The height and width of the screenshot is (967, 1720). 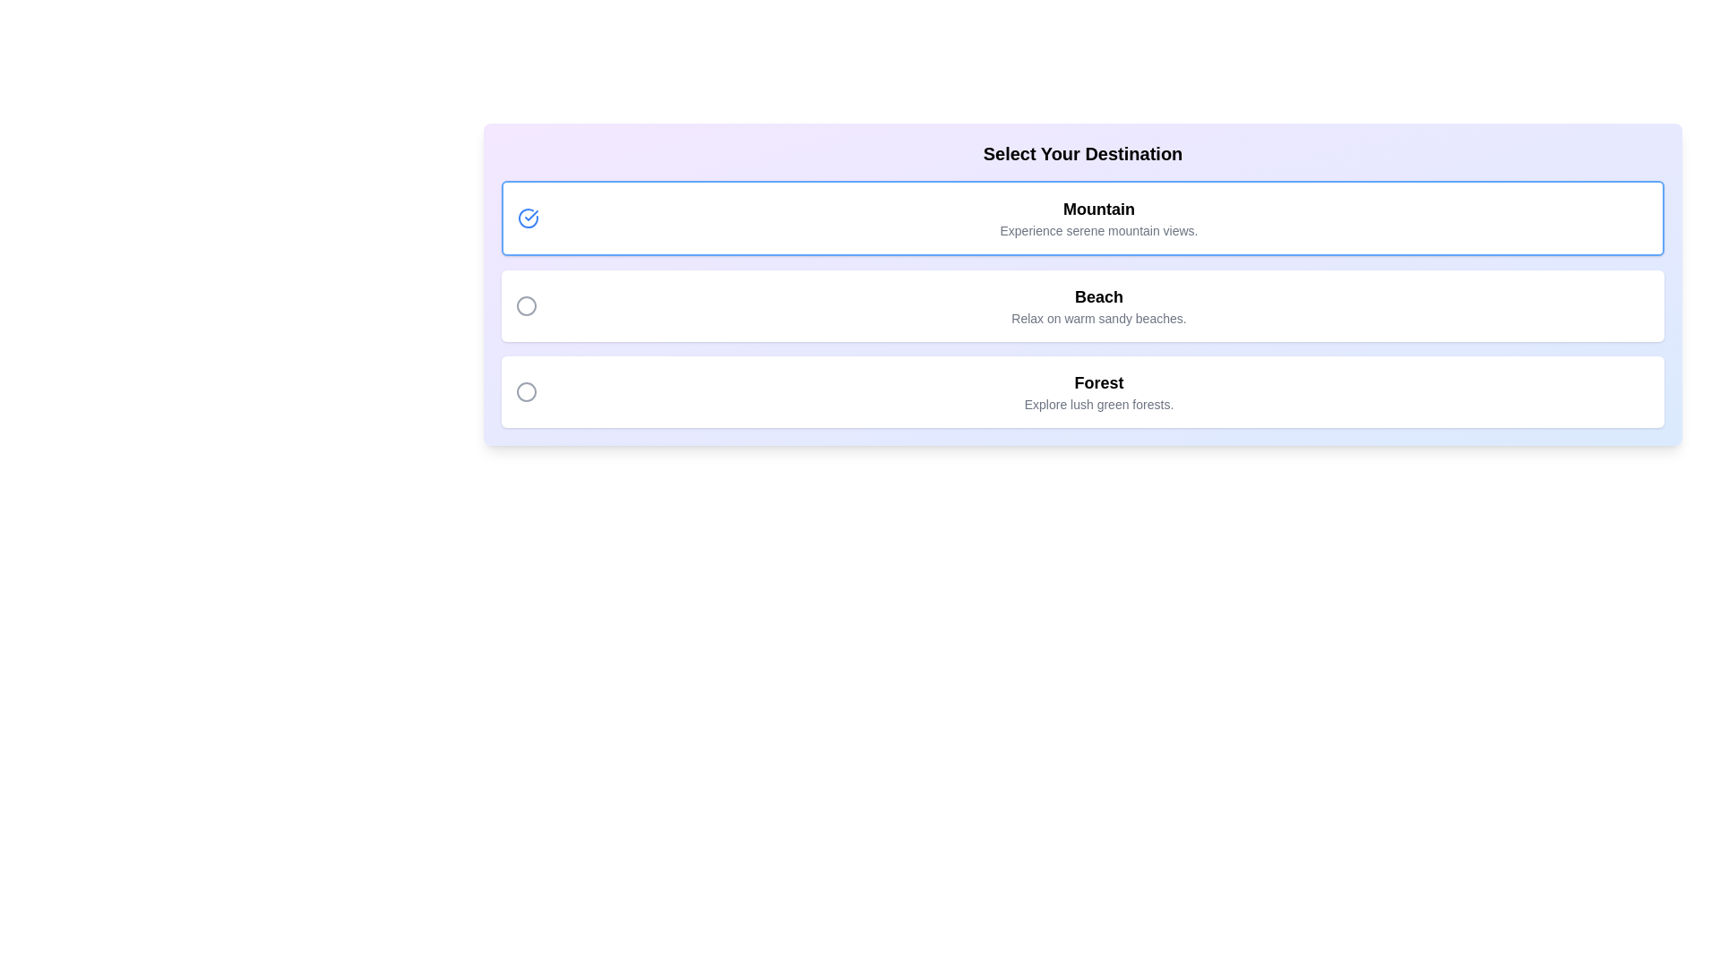 What do you see at coordinates (531, 305) in the screenshot?
I see `the radio button indicator with a gray border and white background located to the left of the text 'Relax on warm sandy beaches' in the second option group titled 'Beach'` at bounding box center [531, 305].